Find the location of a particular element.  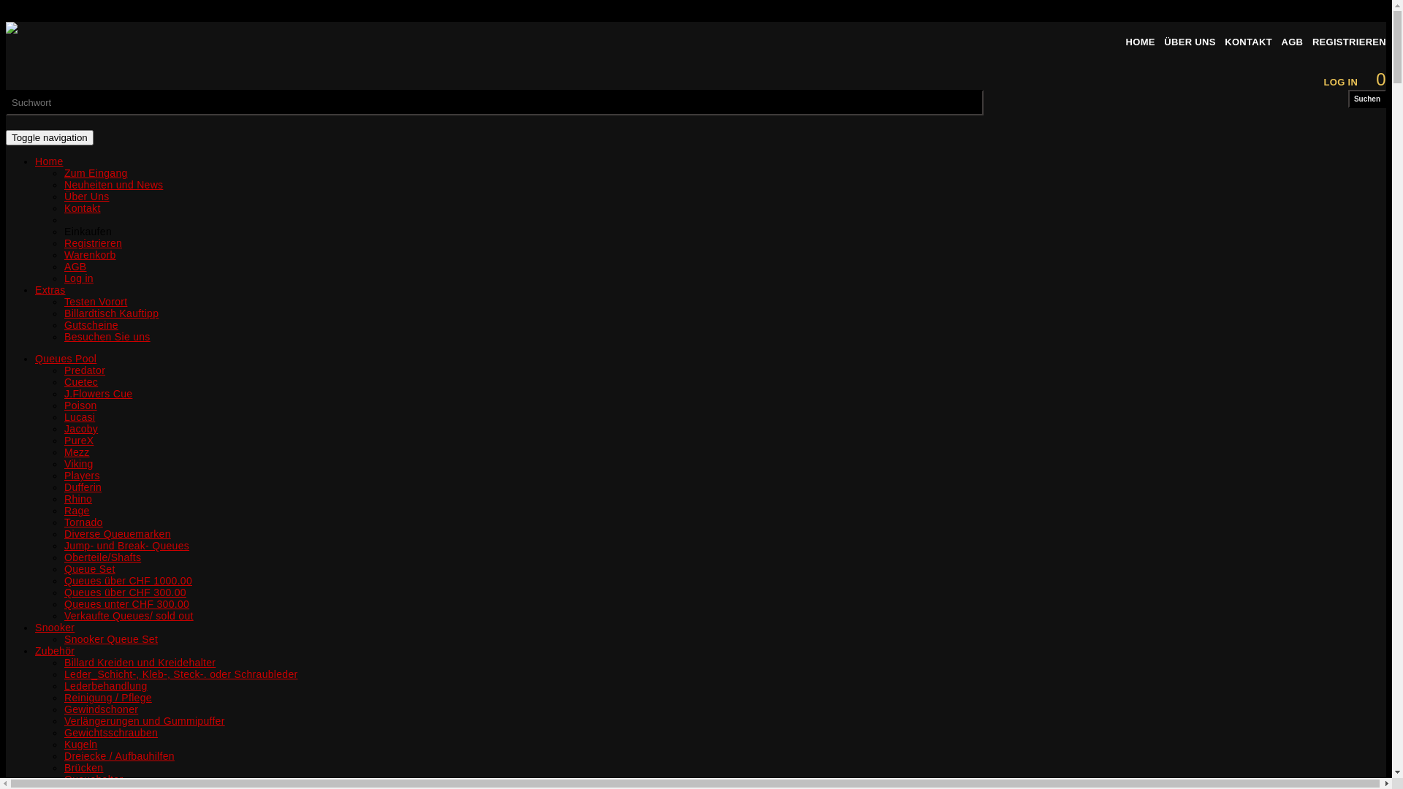

'Suchen' is located at coordinates (1366, 99).